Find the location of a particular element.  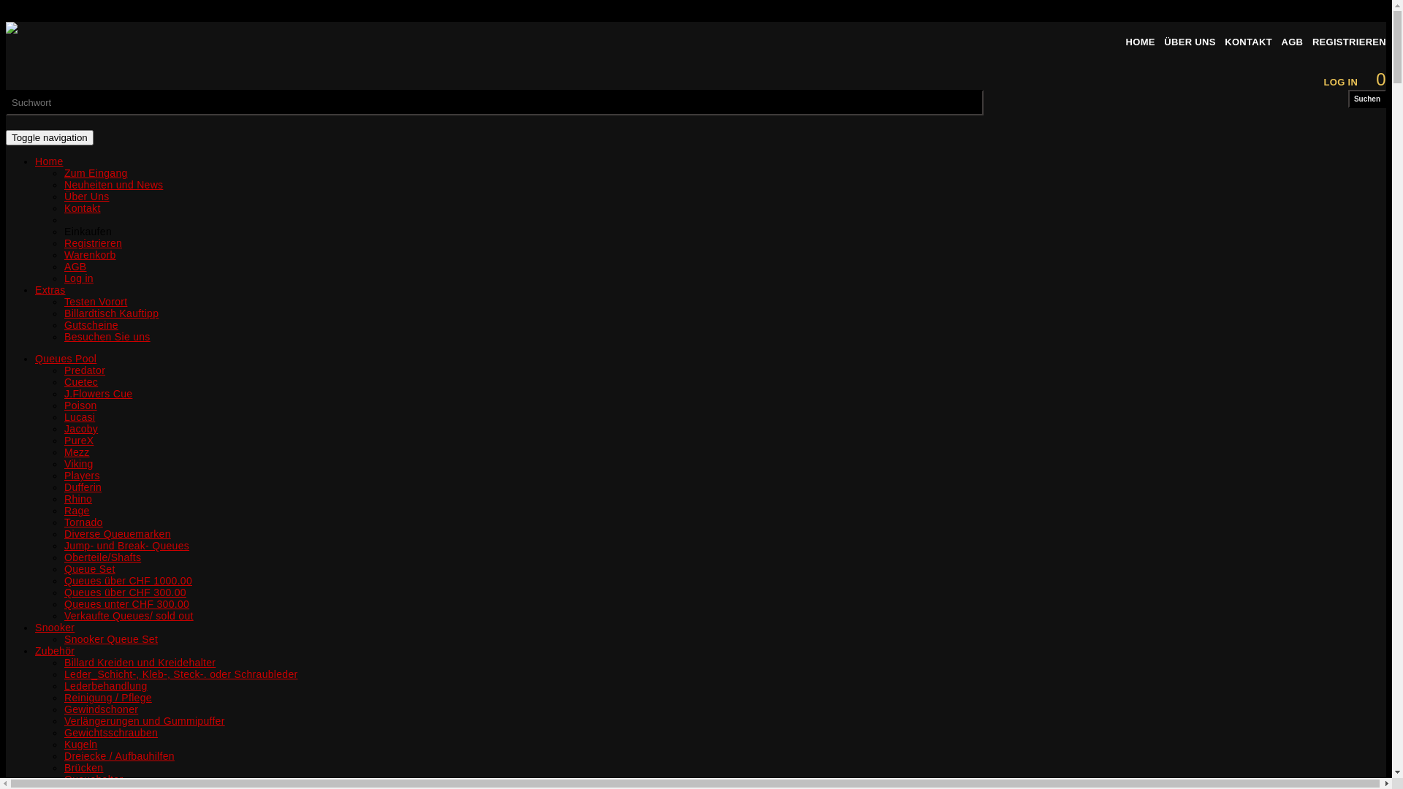

'Suchen' is located at coordinates (1366, 99).